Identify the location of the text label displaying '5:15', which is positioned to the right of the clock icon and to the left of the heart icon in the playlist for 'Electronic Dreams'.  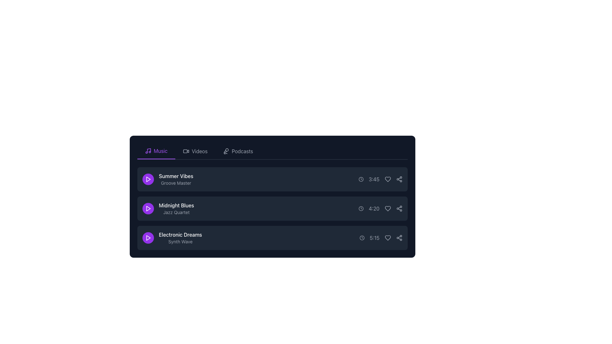
(381, 238).